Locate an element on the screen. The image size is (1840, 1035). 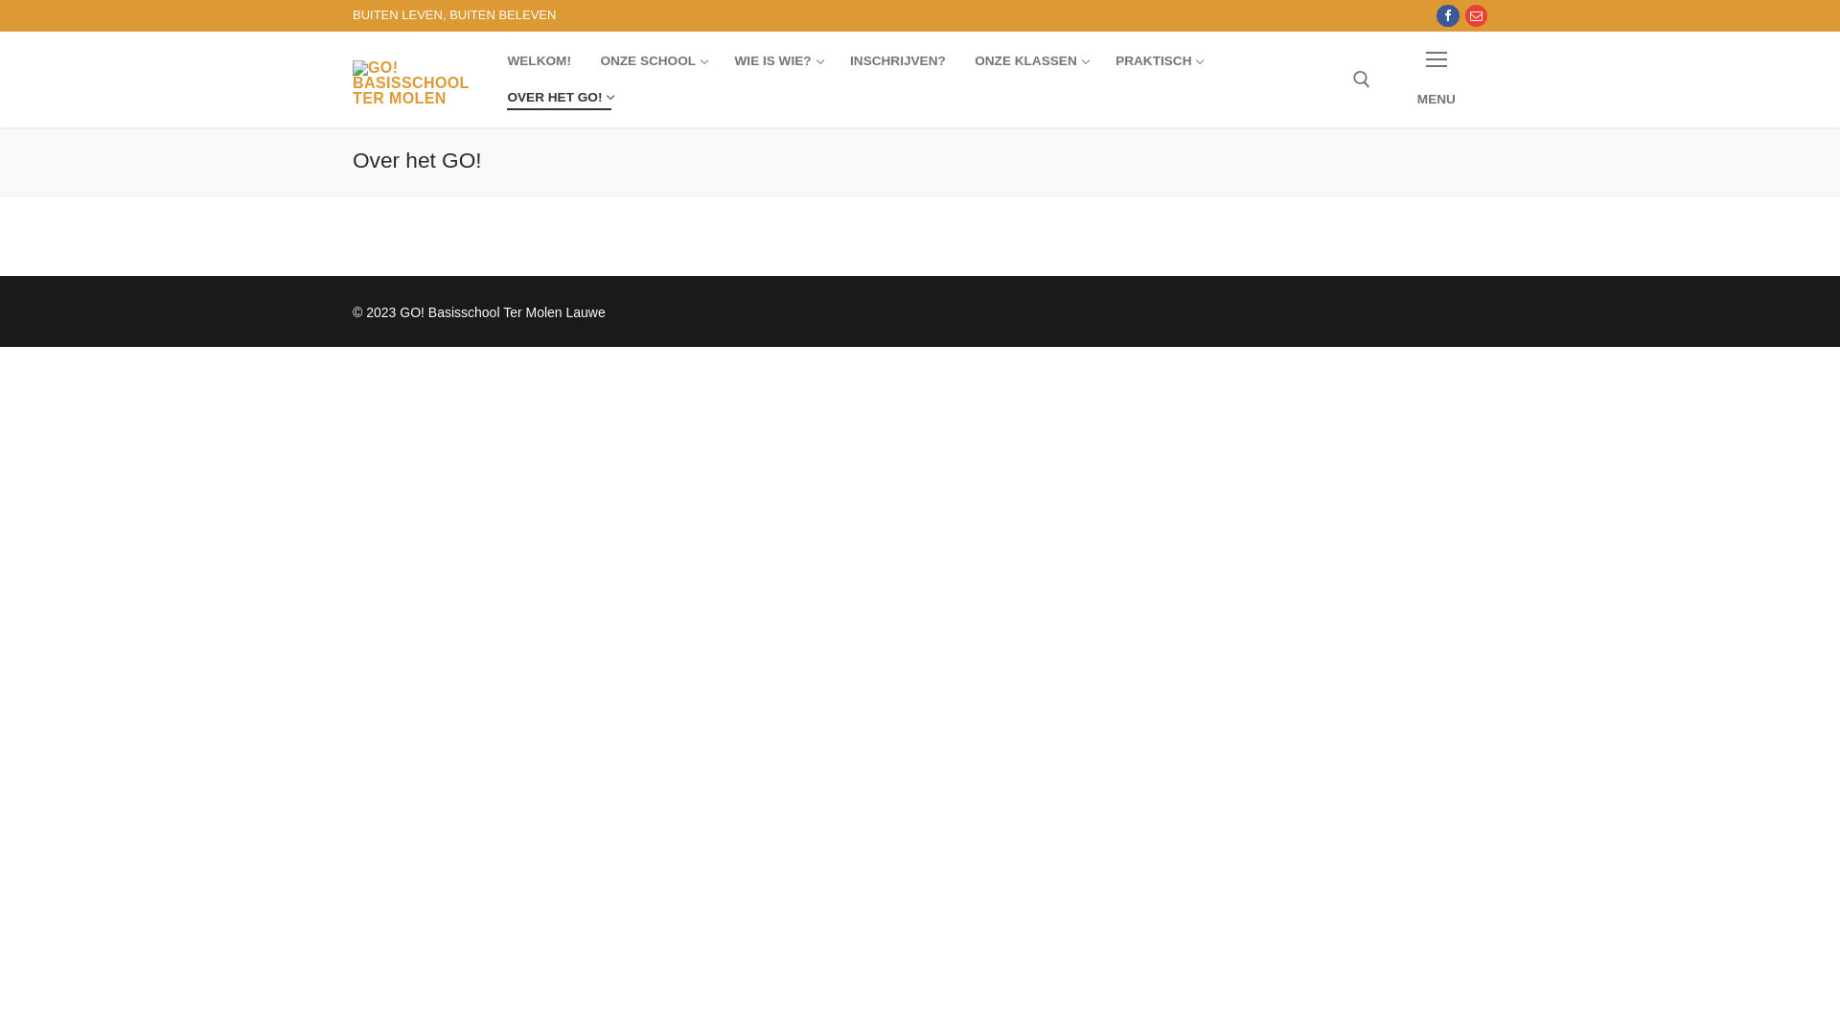
'WIE IS WIE? is located at coordinates (777, 60).